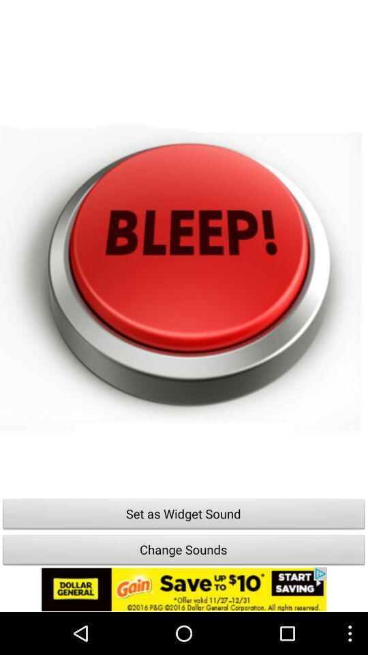  Describe the element at coordinates (184, 589) in the screenshot. I see `the advertisement` at that location.